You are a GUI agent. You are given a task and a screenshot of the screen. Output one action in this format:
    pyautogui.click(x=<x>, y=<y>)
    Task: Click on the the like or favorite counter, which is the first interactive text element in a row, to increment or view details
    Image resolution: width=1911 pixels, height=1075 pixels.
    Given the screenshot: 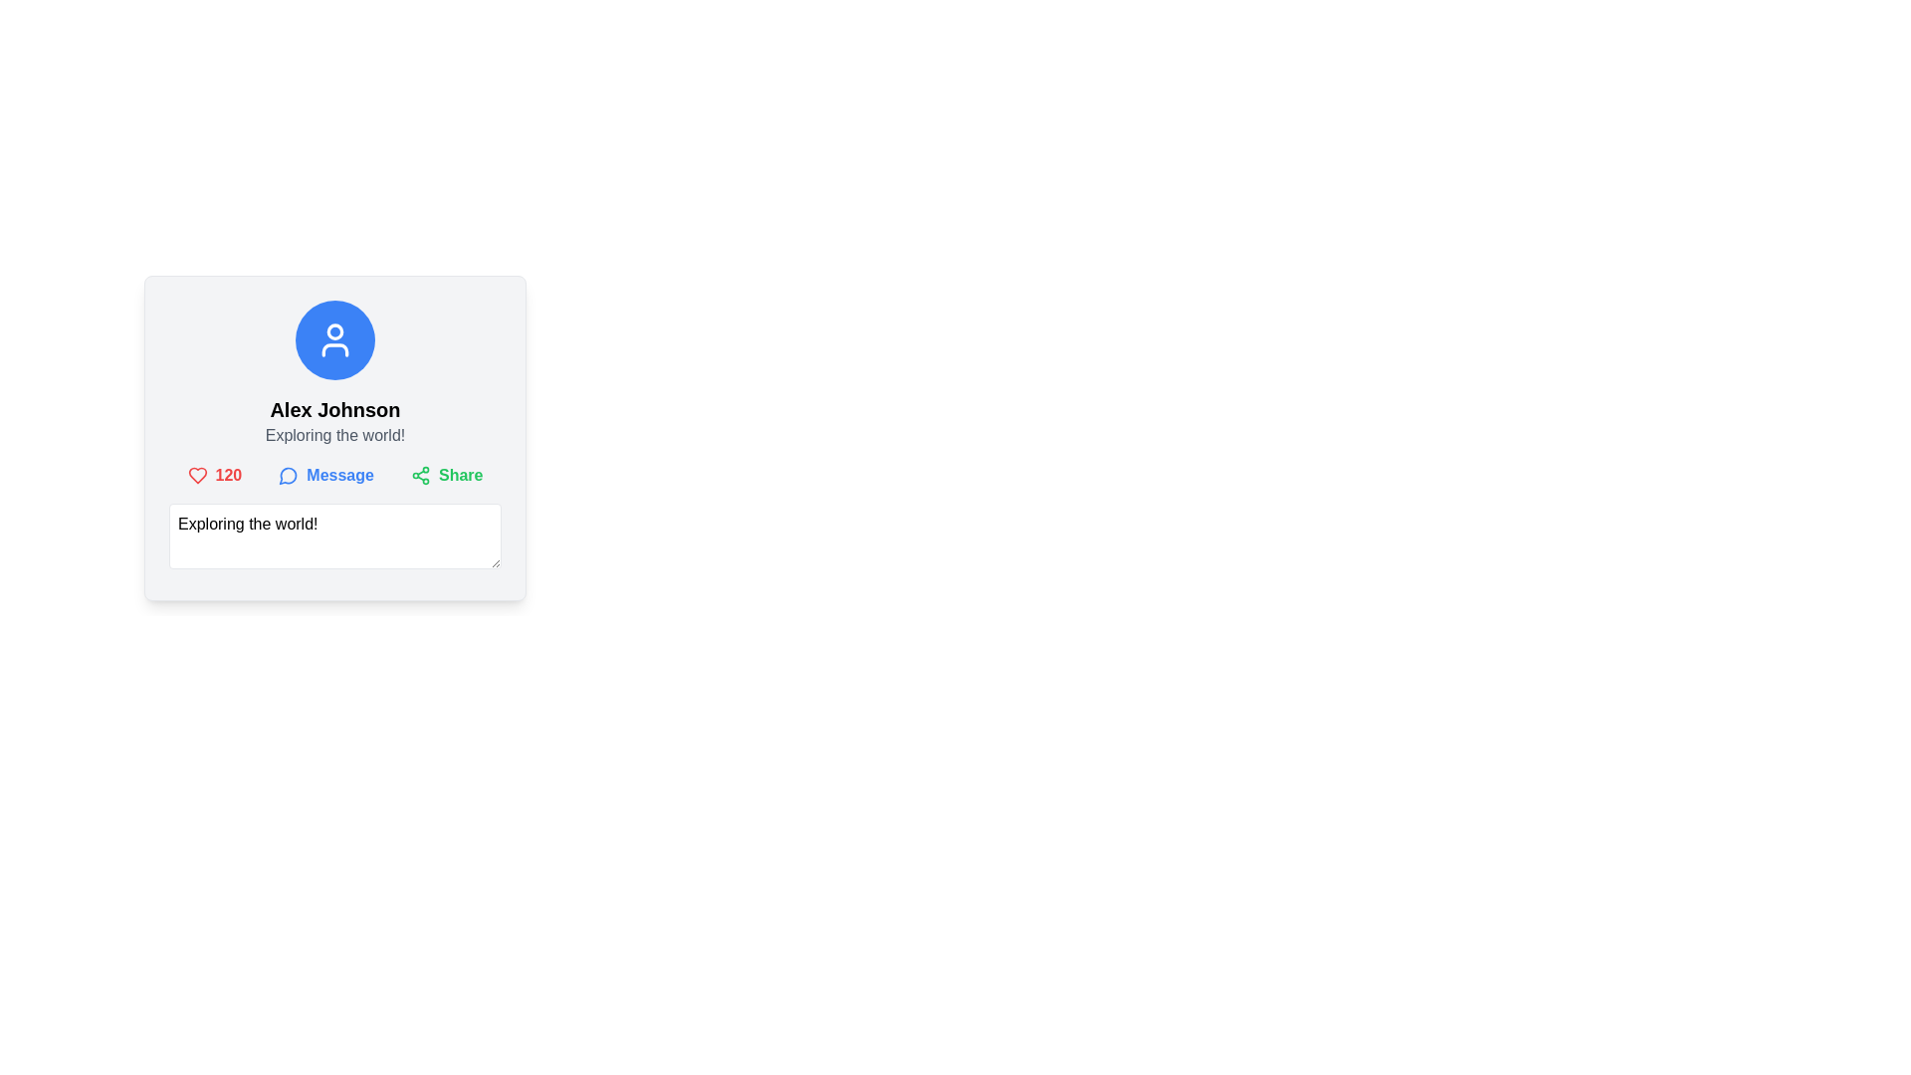 What is the action you would take?
    pyautogui.click(x=214, y=476)
    